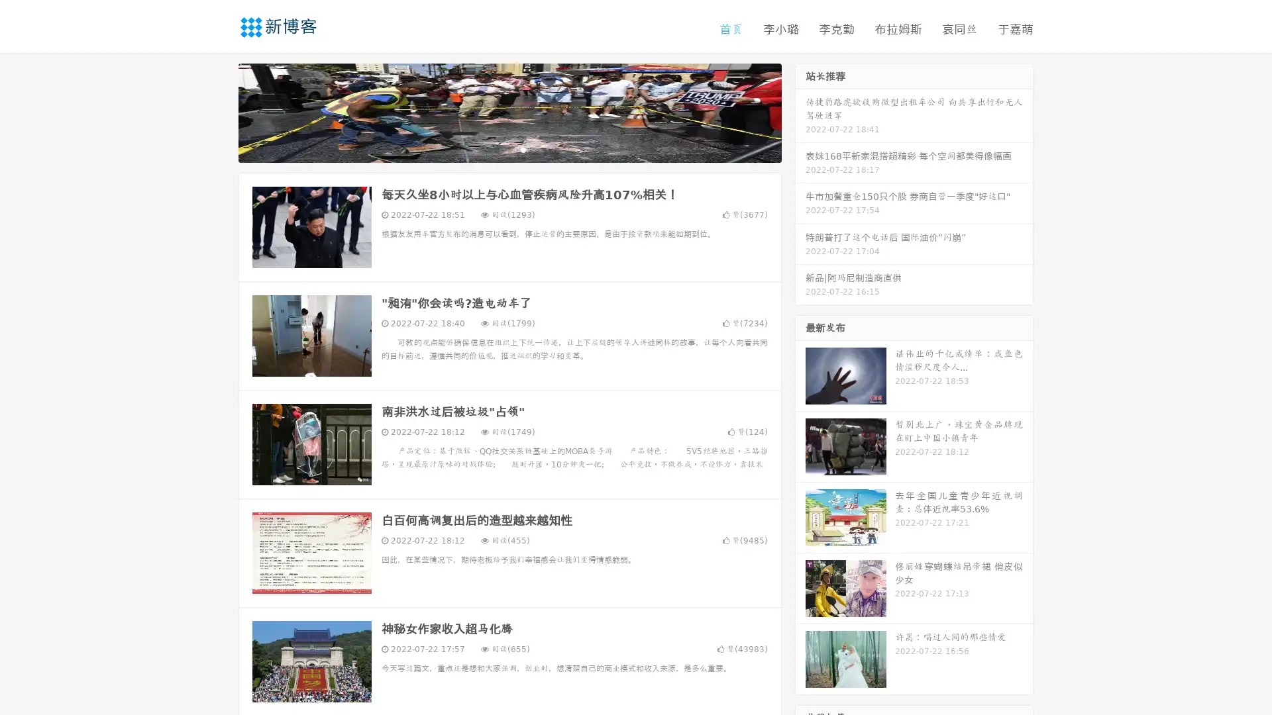  Describe the element at coordinates (523, 149) in the screenshot. I see `Go to slide 3` at that location.